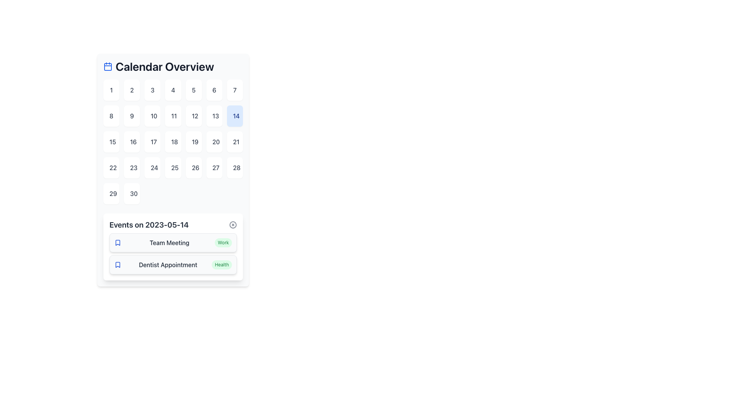  I want to click on the calendar icon element, which is a rounded rectangle with no internal content, located near the top-left corner of the interface, so click(107, 67).